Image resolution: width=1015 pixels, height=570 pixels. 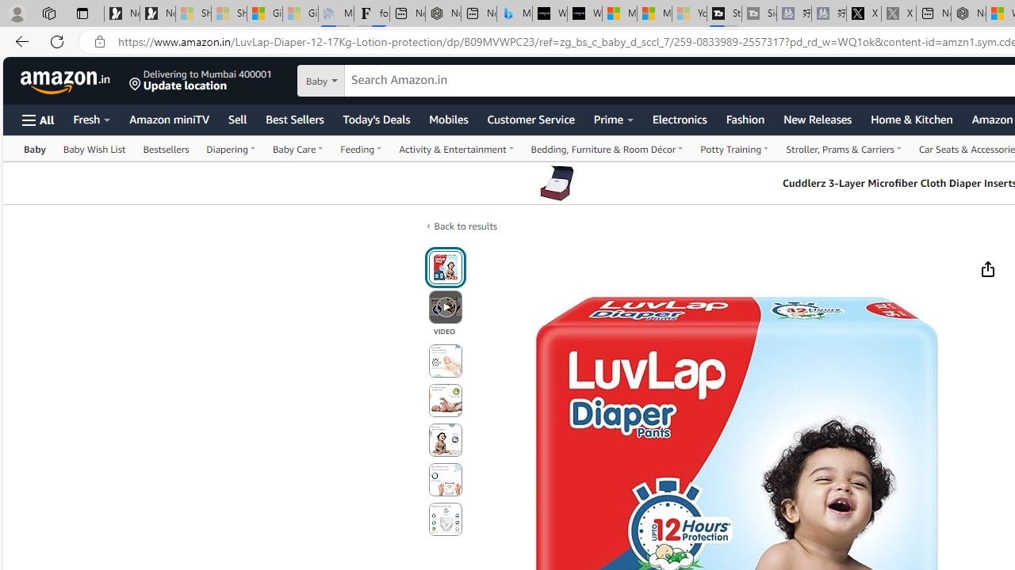 I want to click on 'What', so click(x=584, y=13).